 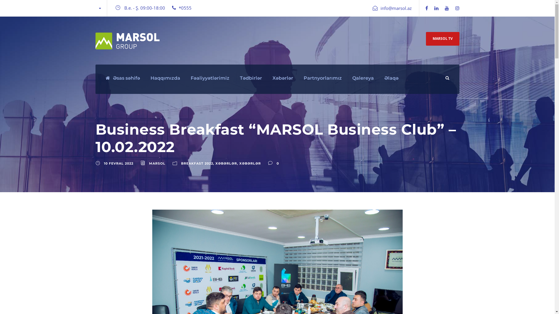 I want to click on 'youtube', so click(x=444, y=8).